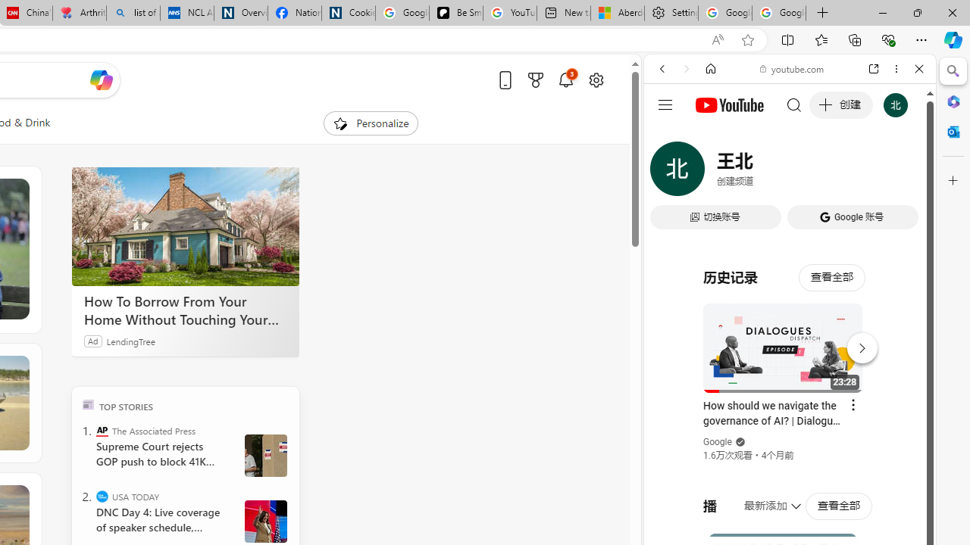 This screenshot has height=545, width=970. I want to click on 'Personalize', so click(370, 123).